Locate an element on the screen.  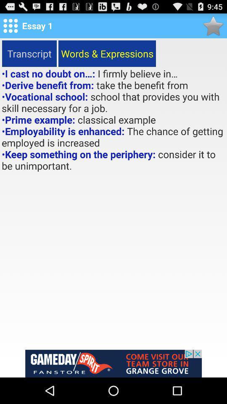
more options is located at coordinates (10, 26).